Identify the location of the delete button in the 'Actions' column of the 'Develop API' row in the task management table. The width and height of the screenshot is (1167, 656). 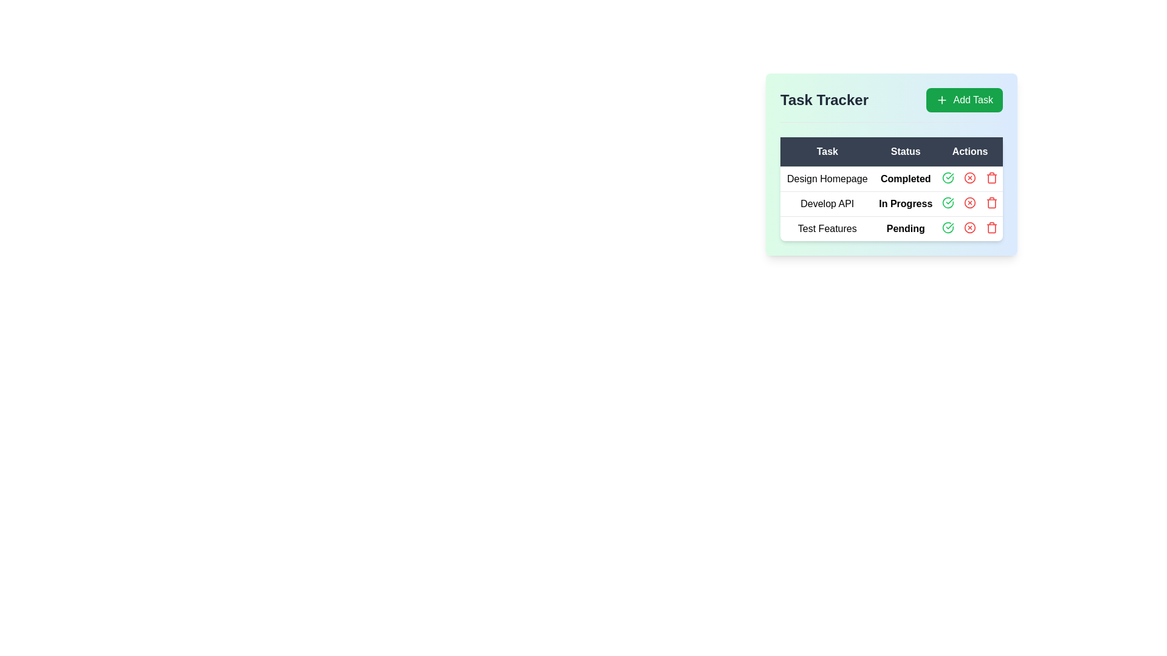
(992, 202).